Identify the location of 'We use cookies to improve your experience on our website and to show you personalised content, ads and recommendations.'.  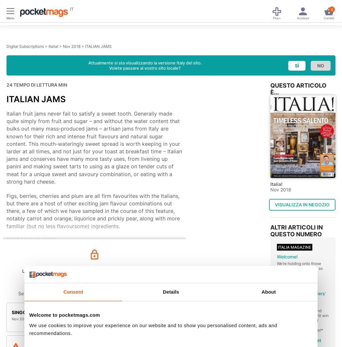
(153, 329).